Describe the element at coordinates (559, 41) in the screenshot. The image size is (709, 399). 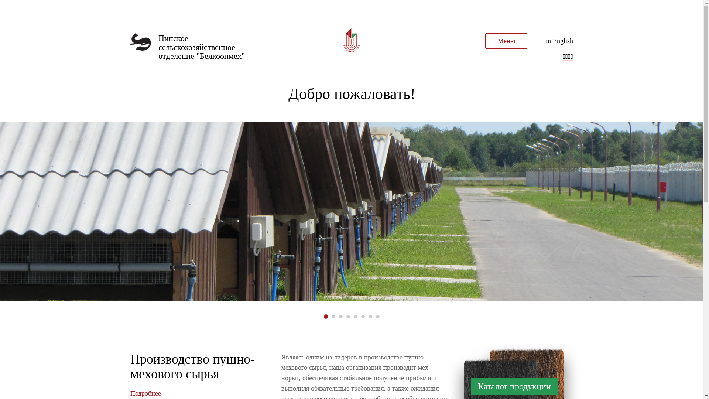
I see `'in English'` at that location.